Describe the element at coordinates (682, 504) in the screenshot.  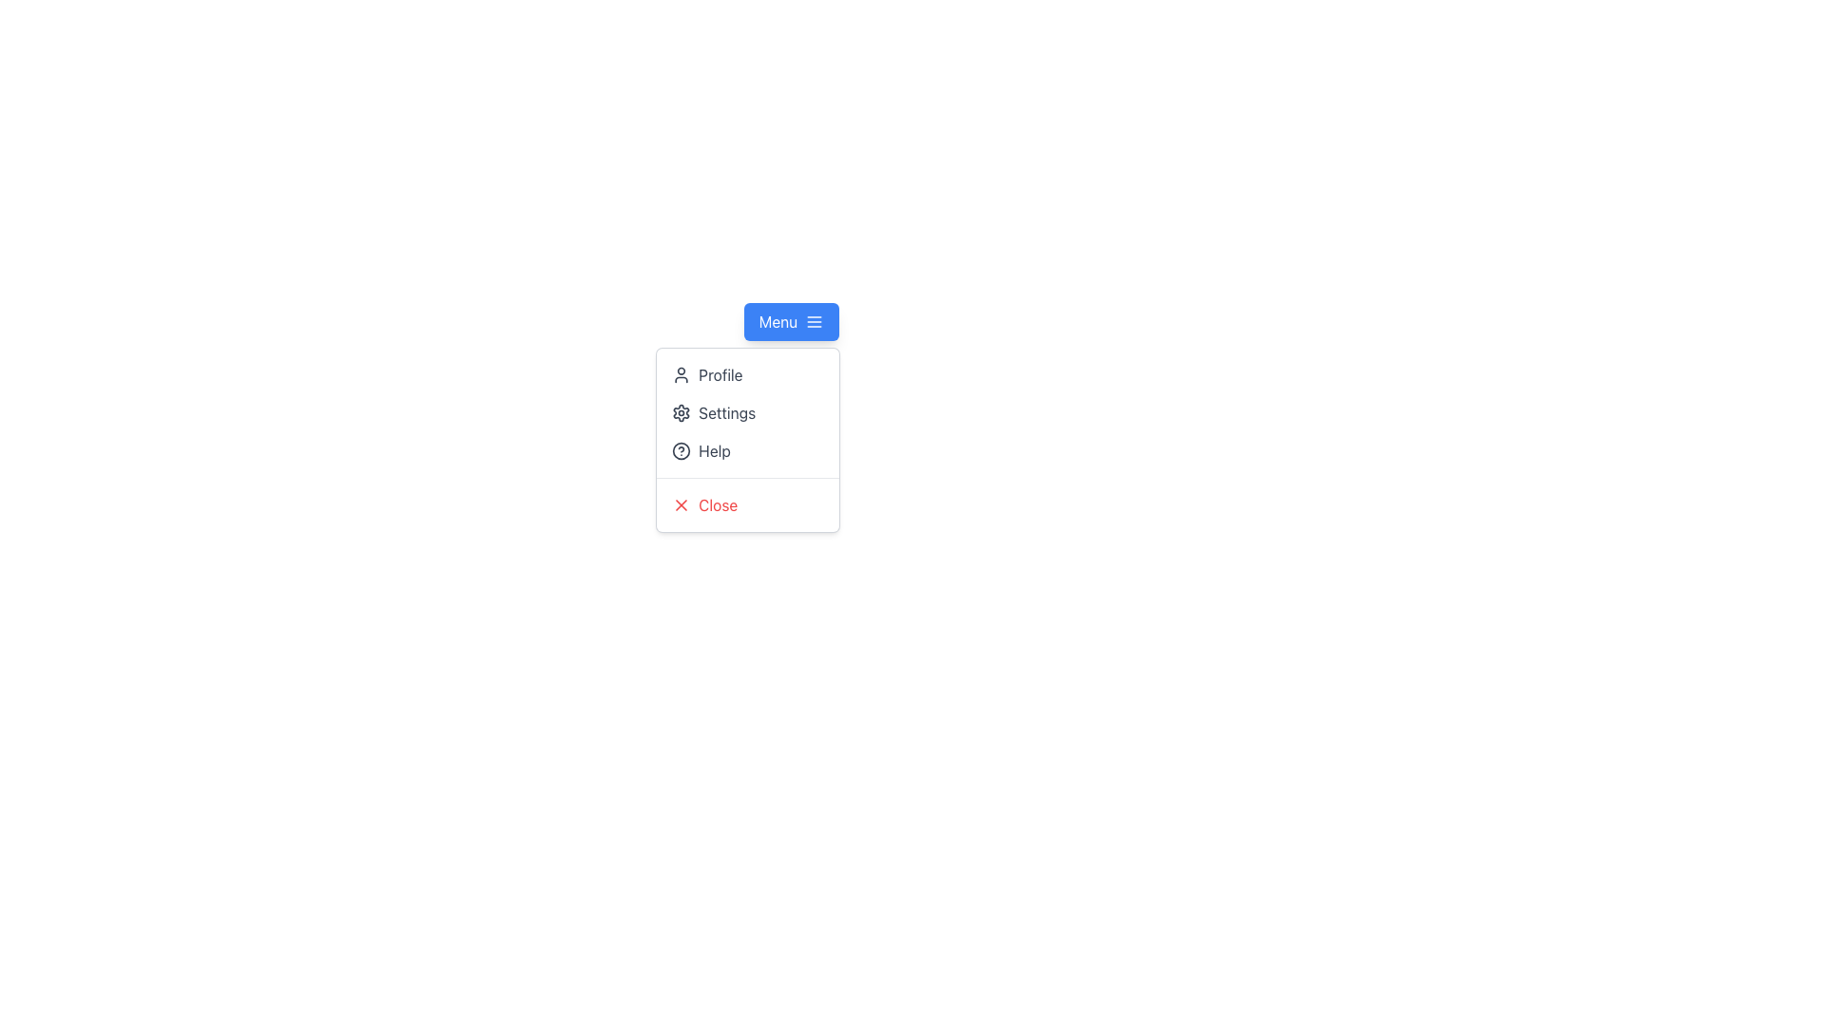
I see `the red cross-shaped icon representing the 'Close' action located in the dropdown menu at the end of the options list` at that location.